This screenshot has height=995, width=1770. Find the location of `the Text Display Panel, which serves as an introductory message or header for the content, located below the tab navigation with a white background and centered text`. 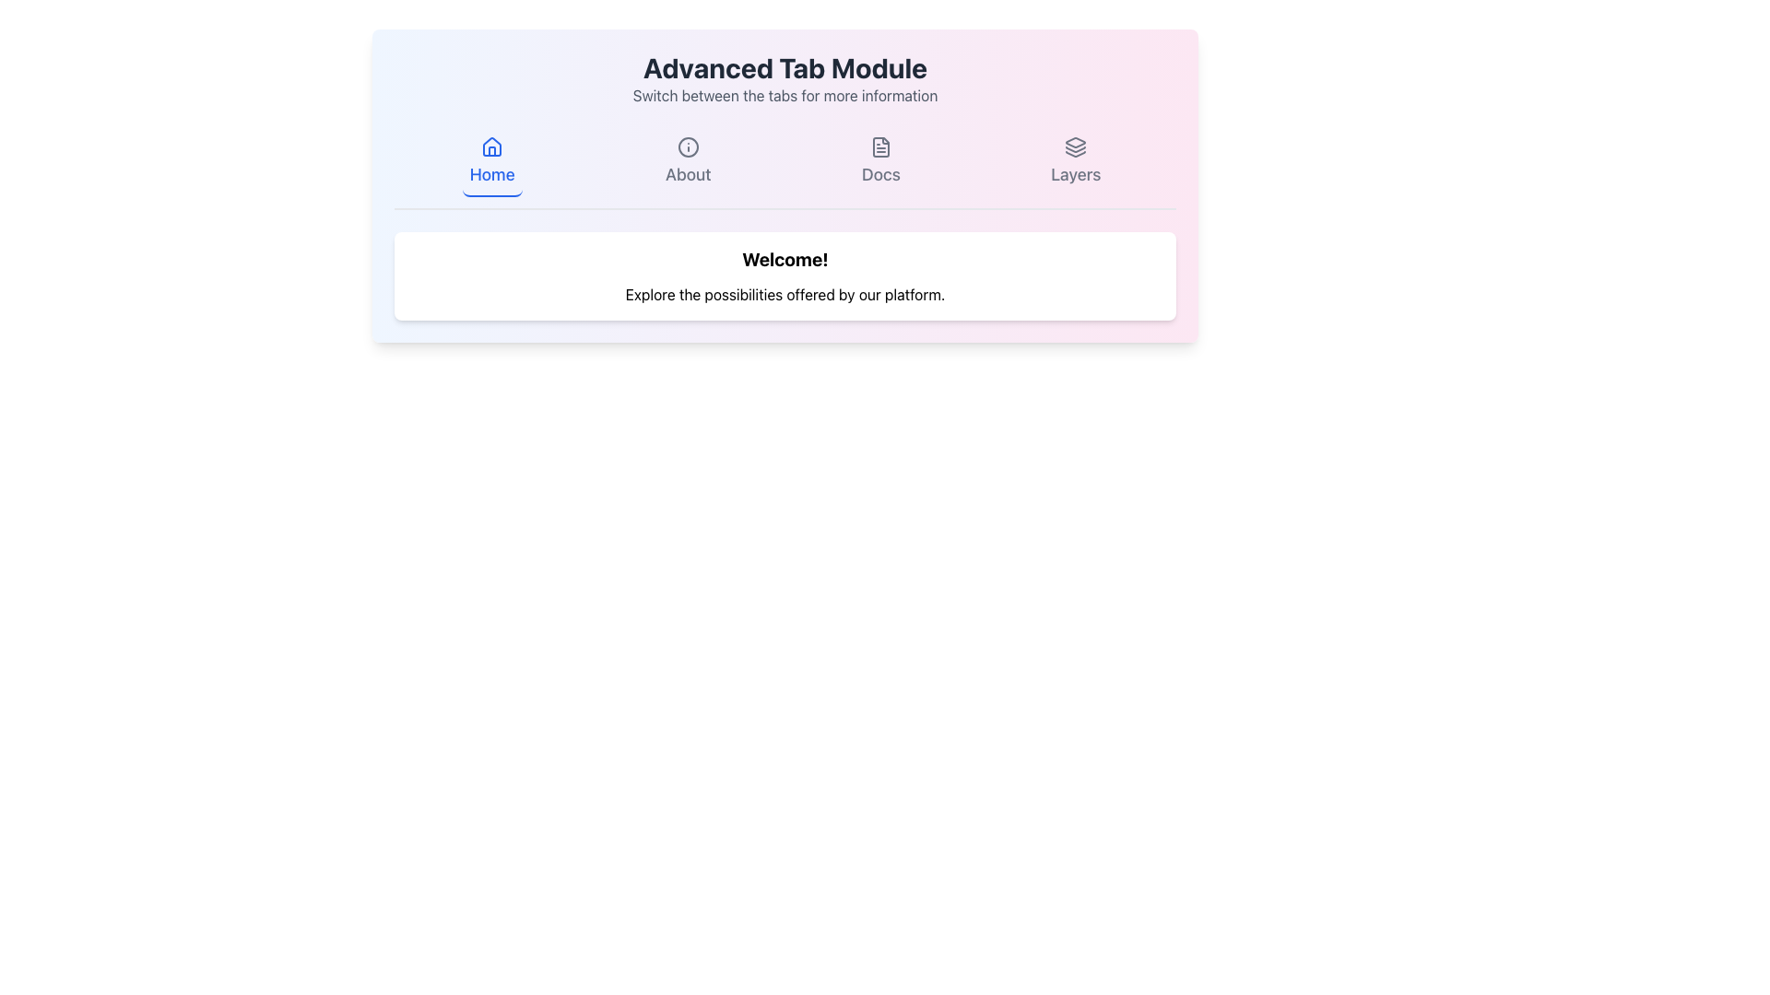

the Text Display Panel, which serves as an introductory message or header for the content, located below the tab navigation with a white background and centered text is located at coordinates (785, 276).